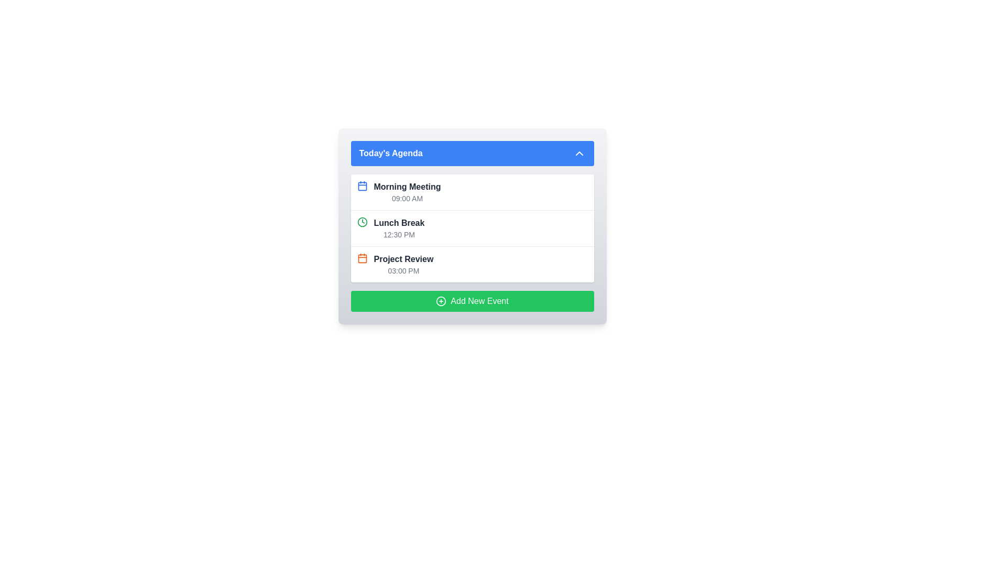 The width and height of the screenshot is (1006, 566). I want to click on the circular clock icon with a green outer stroke, which is the second icon in the list of events under 'Today's Agenda' in the leftmost part of the second row labeled 'Lunch Break', so click(362, 222).